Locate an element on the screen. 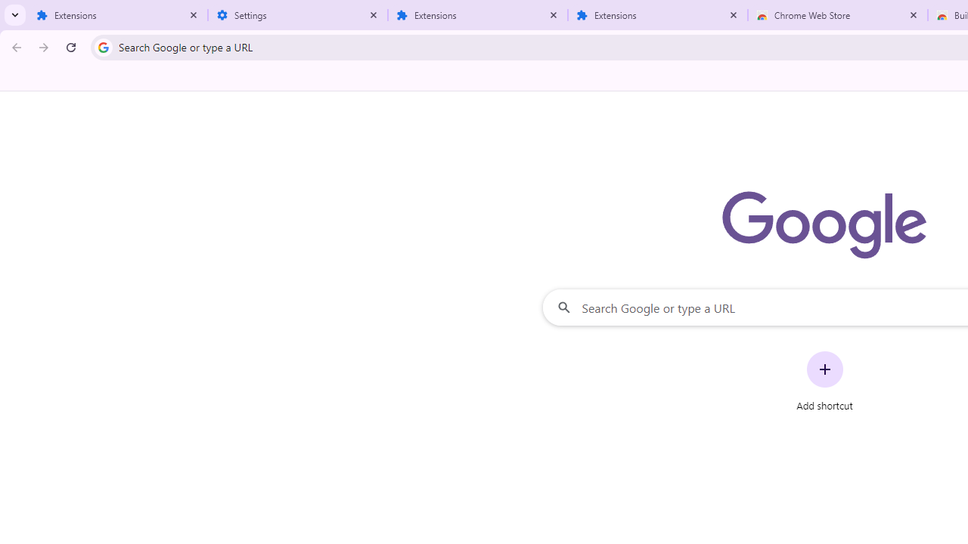 The height and width of the screenshot is (544, 968). 'Chrome Web Store' is located at coordinates (837, 15).